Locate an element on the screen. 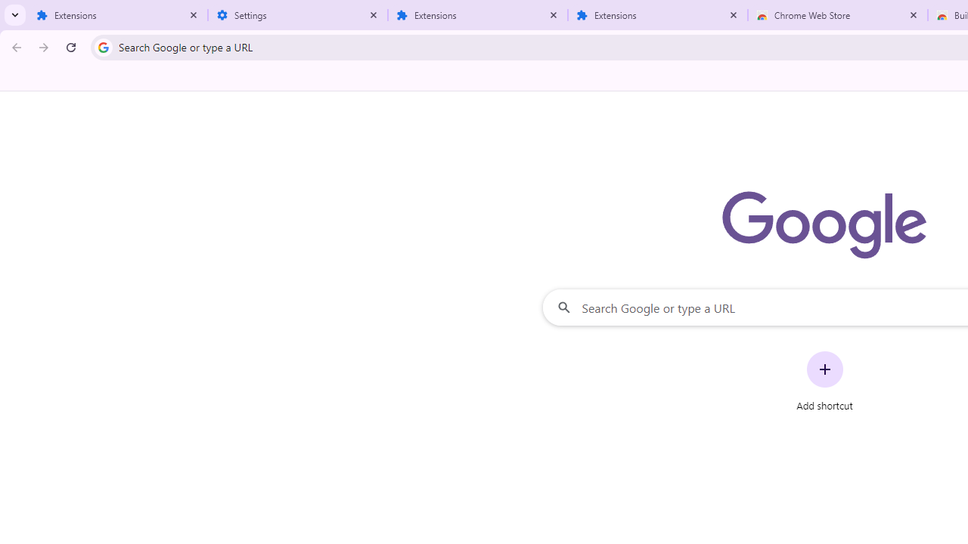 The height and width of the screenshot is (544, 968). 'Chrome Web Store' is located at coordinates (837, 15).